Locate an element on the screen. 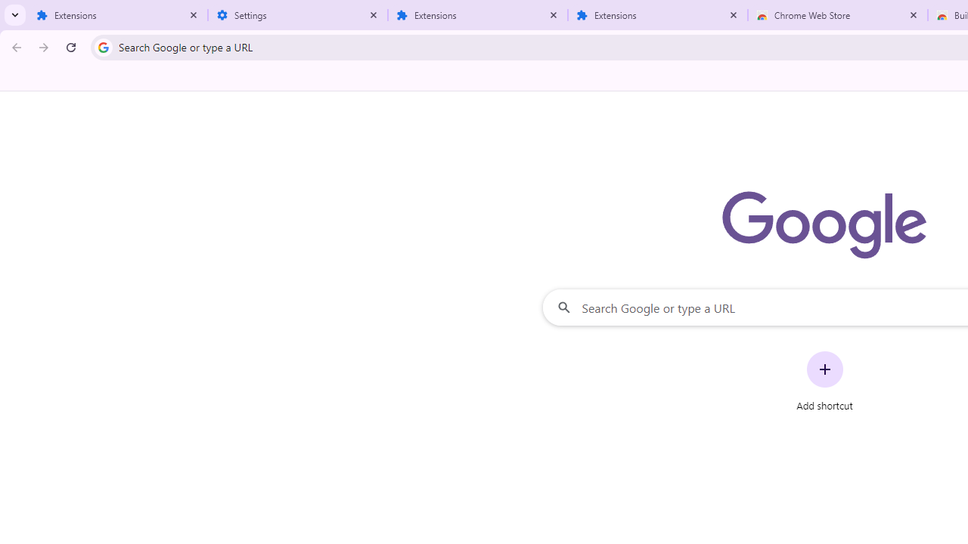 The height and width of the screenshot is (544, 968). 'Chrome Web Store' is located at coordinates (837, 15).